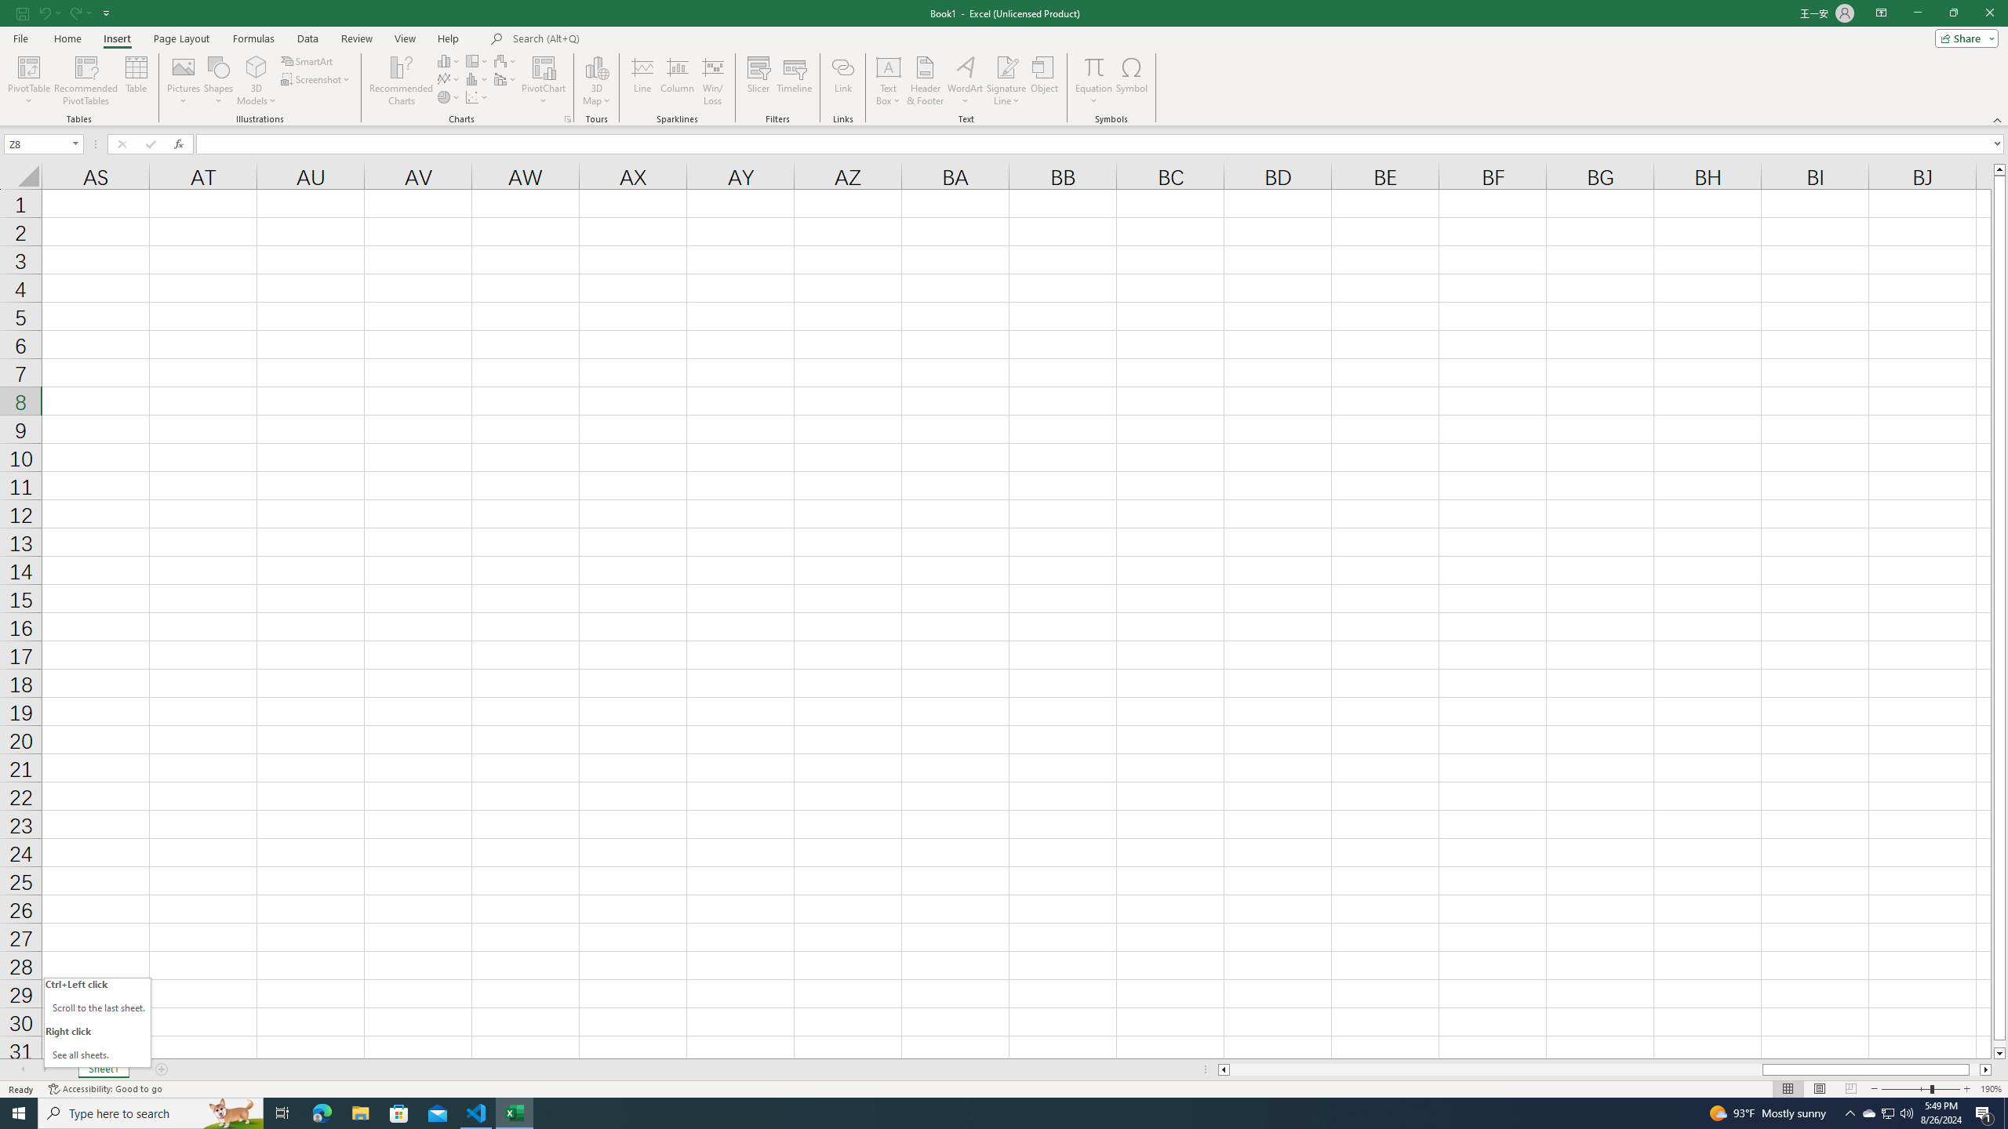  Describe the element at coordinates (843, 81) in the screenshot. I see `'Link'` at that location.